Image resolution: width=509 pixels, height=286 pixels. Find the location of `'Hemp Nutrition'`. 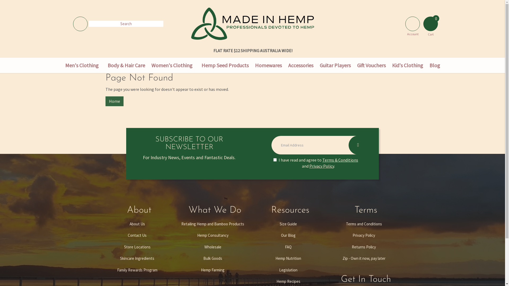

'Hemp Nutrition' is located at coordinates (288, 258).